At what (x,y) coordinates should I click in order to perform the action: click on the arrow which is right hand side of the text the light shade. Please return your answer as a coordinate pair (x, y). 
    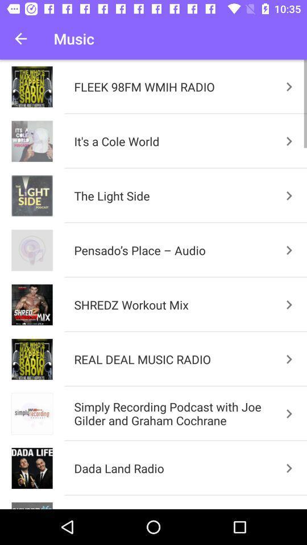
    Looking at the image, I should click on (289, 196).